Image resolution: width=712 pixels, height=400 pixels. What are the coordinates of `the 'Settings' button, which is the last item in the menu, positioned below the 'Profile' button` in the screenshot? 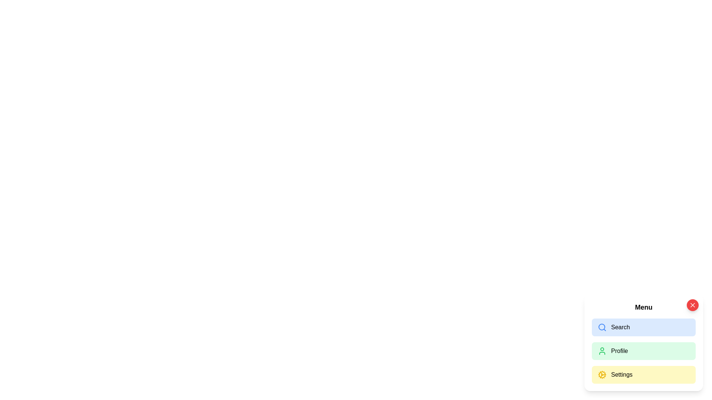 It's located at (643, 374).